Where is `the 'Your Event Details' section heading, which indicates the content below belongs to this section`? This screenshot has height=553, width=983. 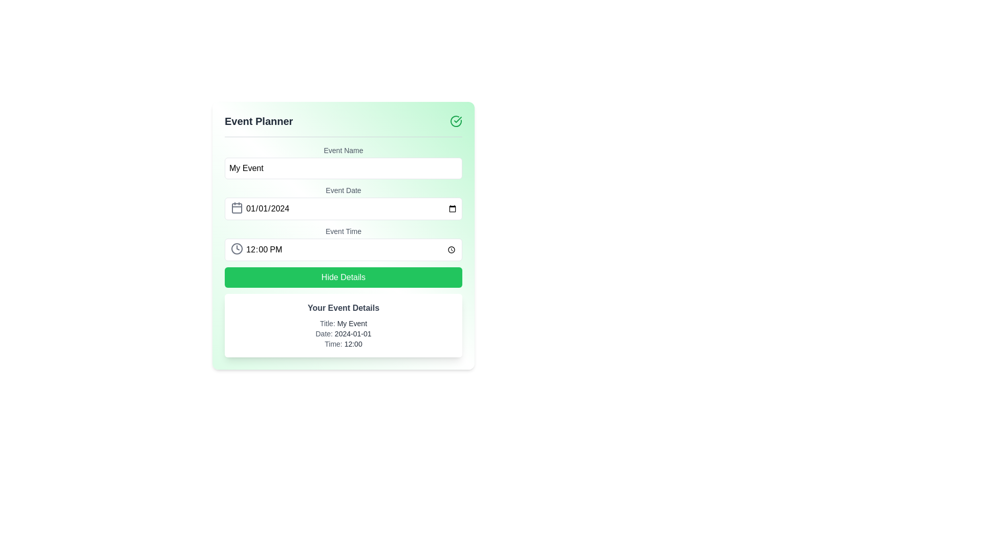 the 'Your Event Details' section heading, which indicates the content below belongs to this section is located at coordinates (344, 307).